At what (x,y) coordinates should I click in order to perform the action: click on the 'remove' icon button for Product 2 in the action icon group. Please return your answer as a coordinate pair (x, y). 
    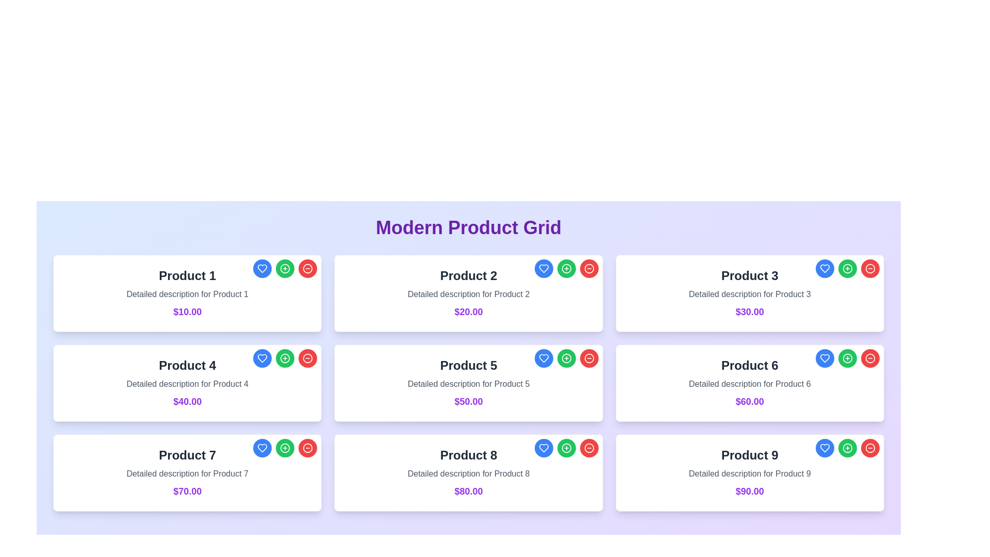
    Looking at the image, I should click on (589, 268).